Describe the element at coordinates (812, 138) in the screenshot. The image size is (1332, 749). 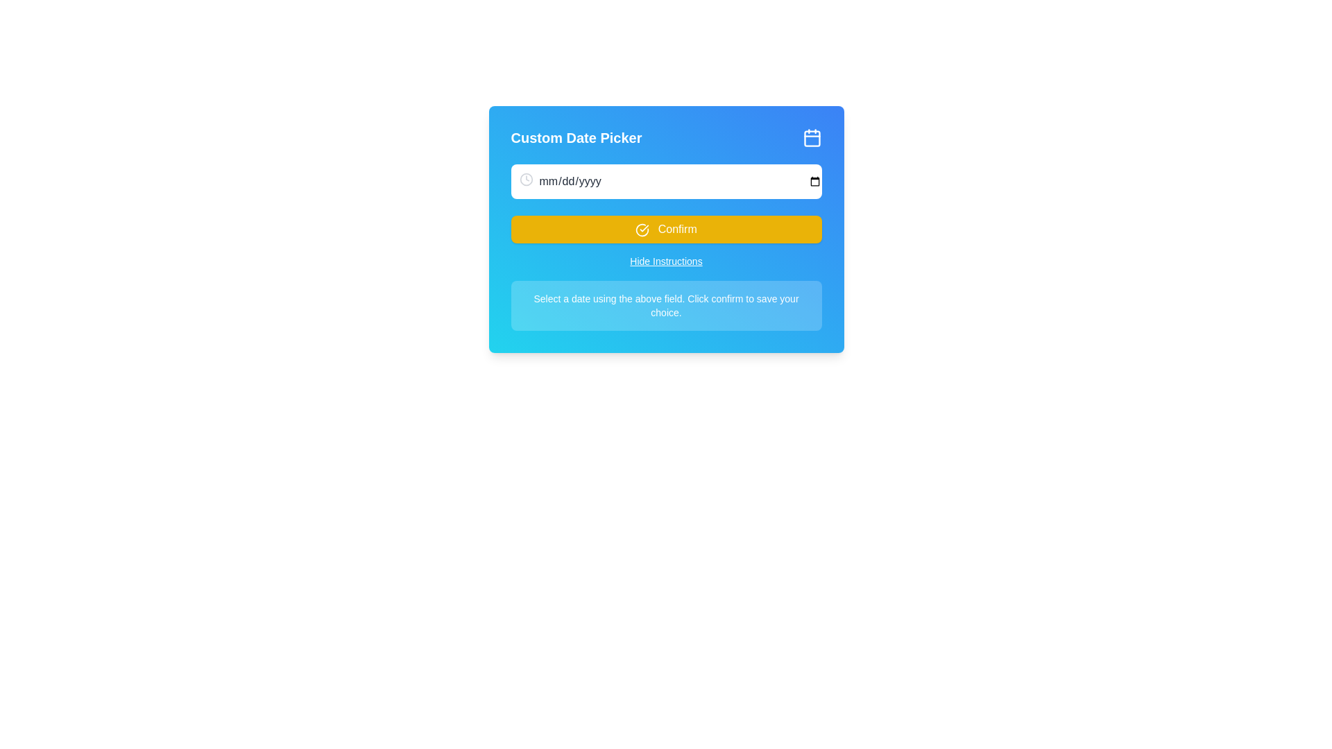
I see `the calendar icon located in the top-right corner of the 'Custom Date Picker' card, which visually indicates date selection` at that location.